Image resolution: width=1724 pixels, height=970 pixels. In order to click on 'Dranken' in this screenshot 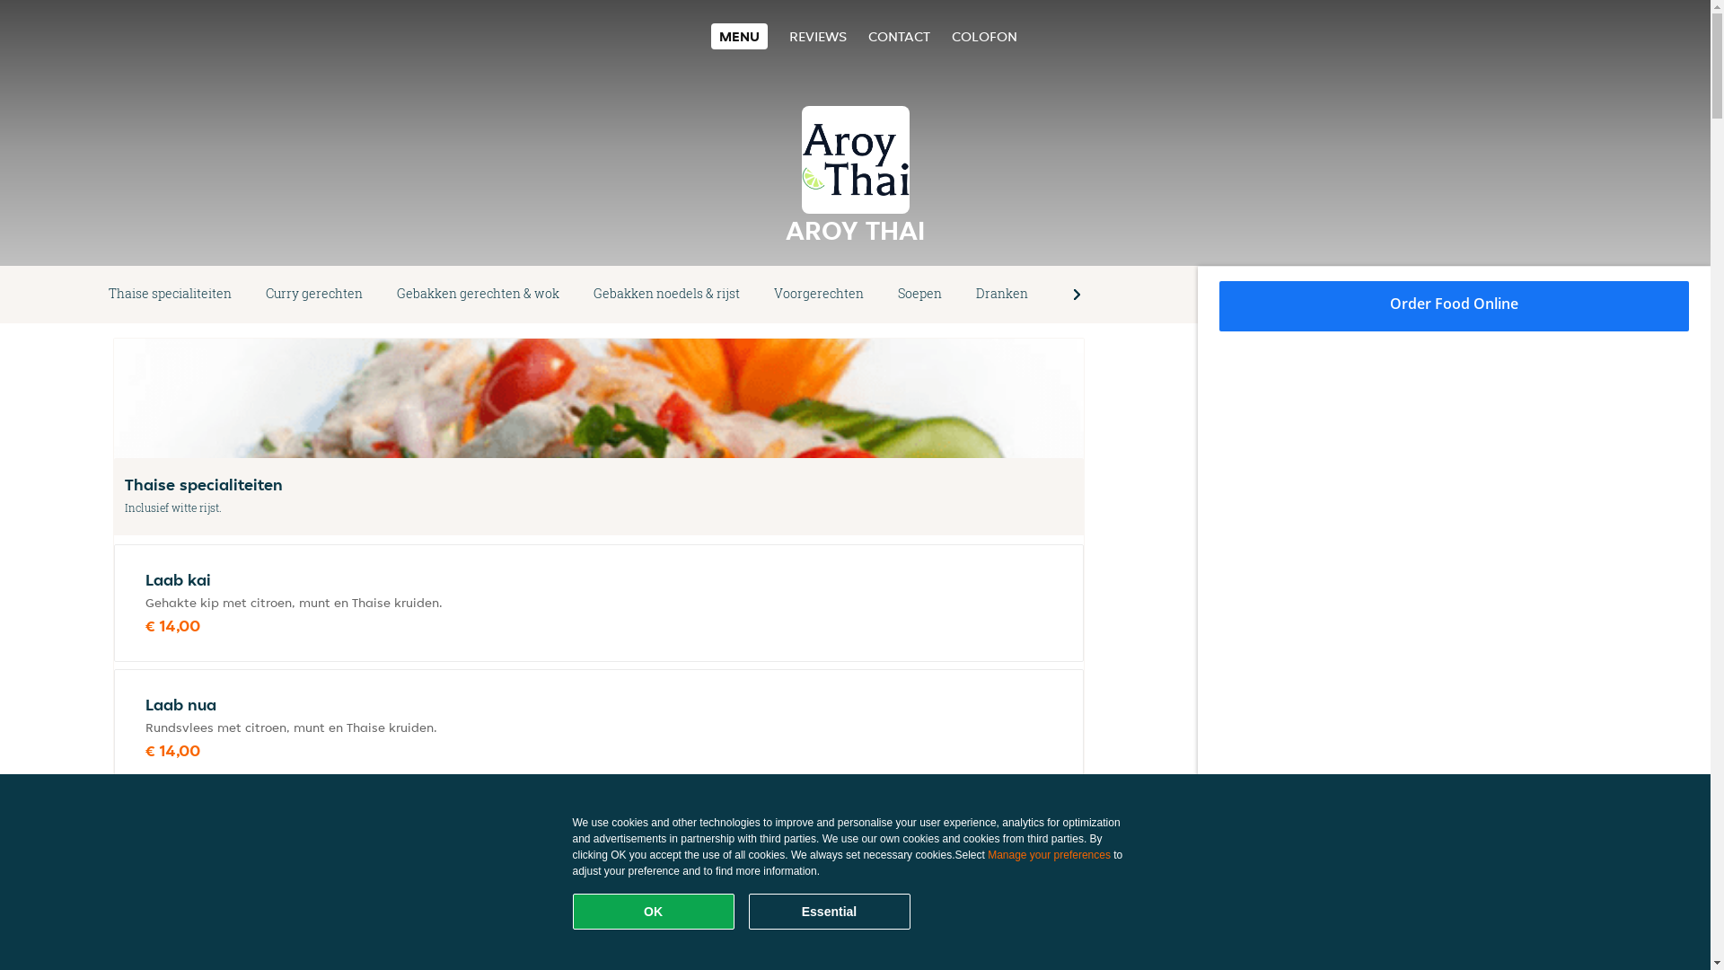, I will do `click(958, 293)`.